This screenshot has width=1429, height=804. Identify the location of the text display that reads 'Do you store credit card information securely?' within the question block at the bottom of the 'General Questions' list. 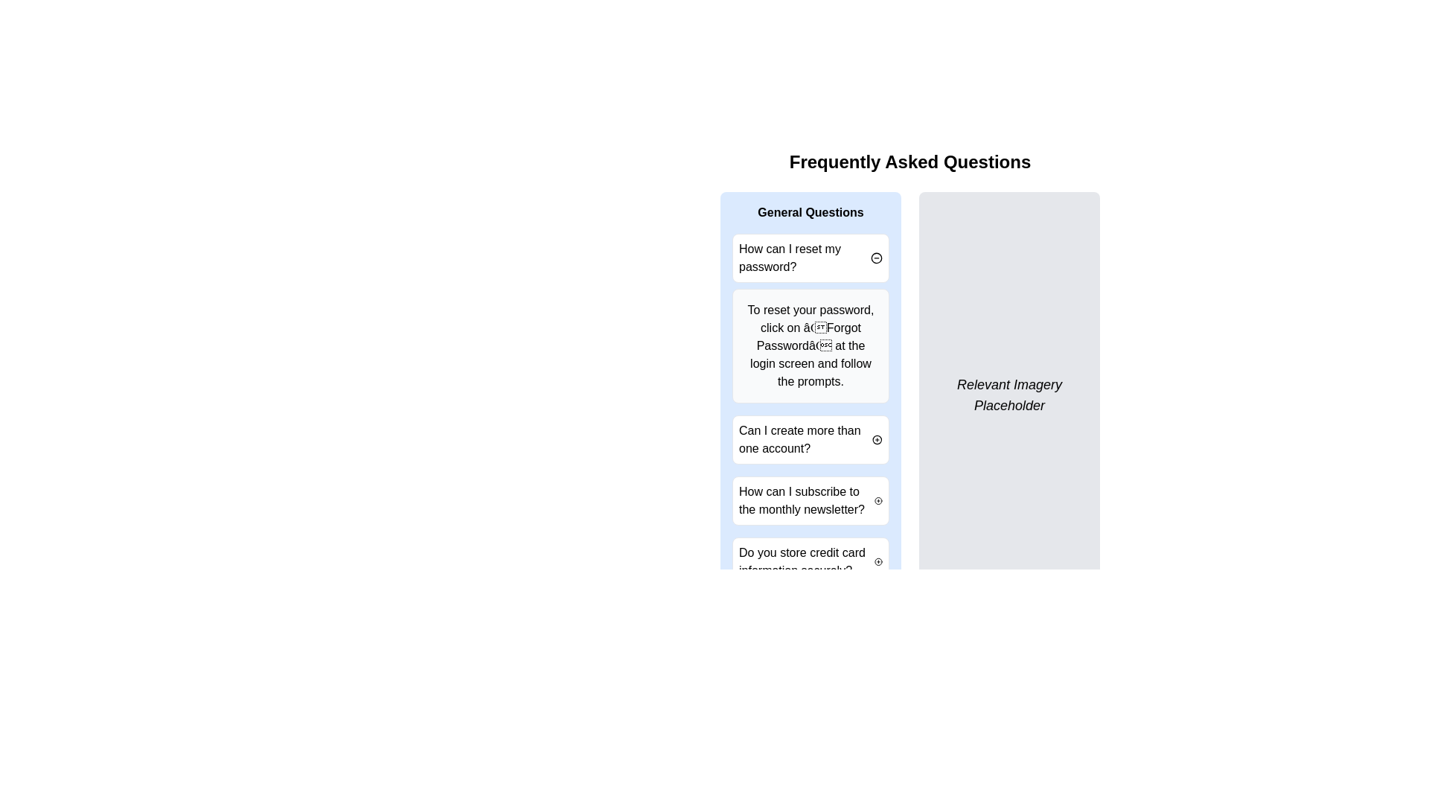
(805, 562).